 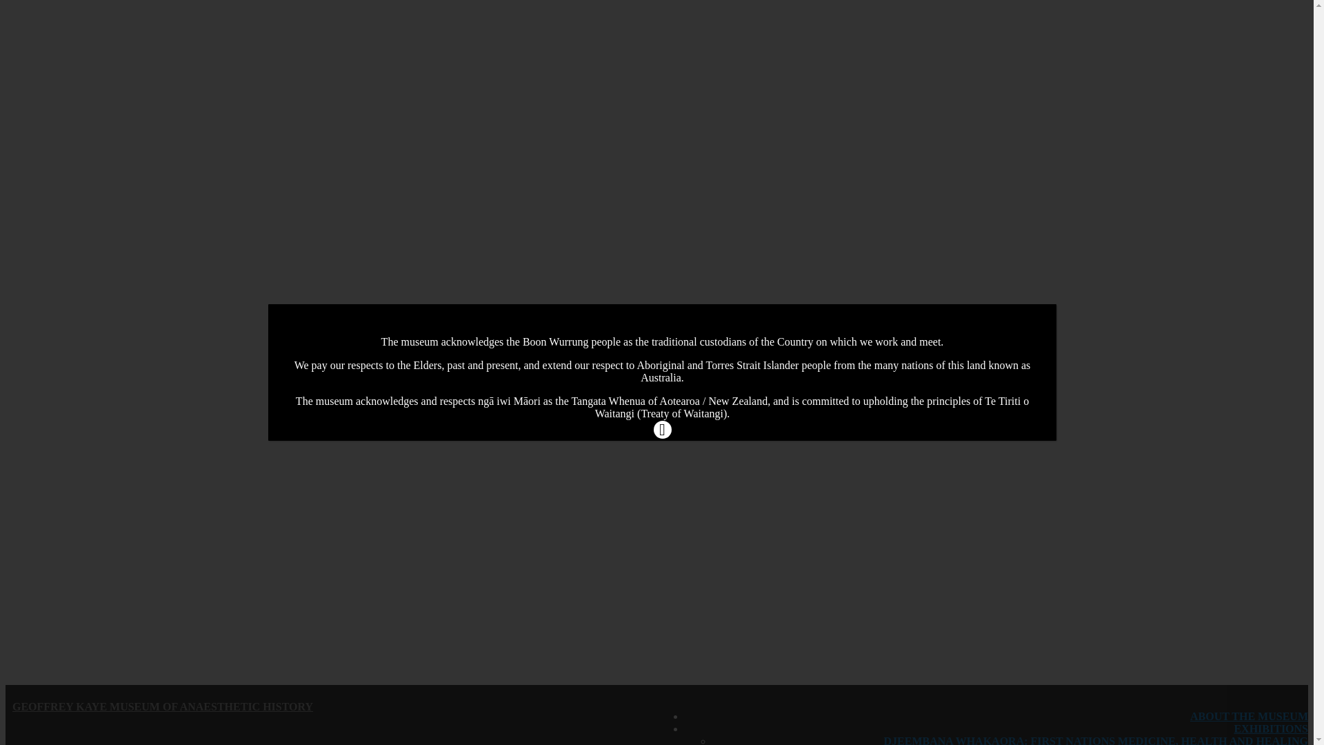 What do you see at coordinates (1190, 715) in the screenshot?
I see `'ABOUT THE MUSEUM'` at bounding box center [1190, 715].